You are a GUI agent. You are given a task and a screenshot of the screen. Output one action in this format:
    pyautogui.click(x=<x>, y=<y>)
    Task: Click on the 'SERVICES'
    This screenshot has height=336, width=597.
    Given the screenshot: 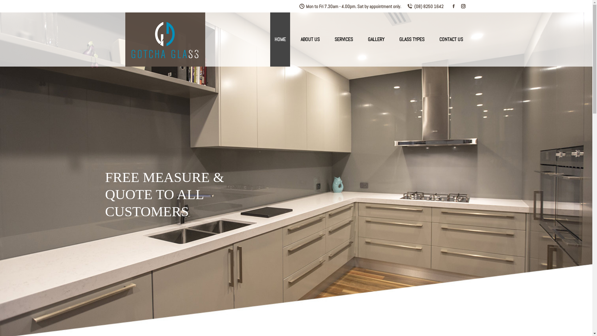 What is the action you would take?
    pyautogui.click(x=330, y=40)
    